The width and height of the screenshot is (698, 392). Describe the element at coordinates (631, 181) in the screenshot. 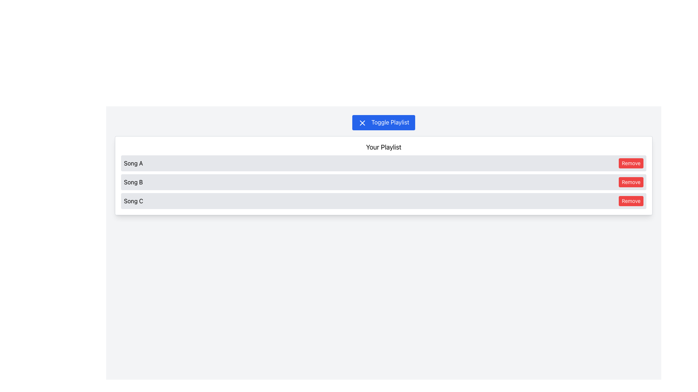

I see `the red 'Remove' button with bold white text located beside 'Song B' in the second row of the playlist` at that location.